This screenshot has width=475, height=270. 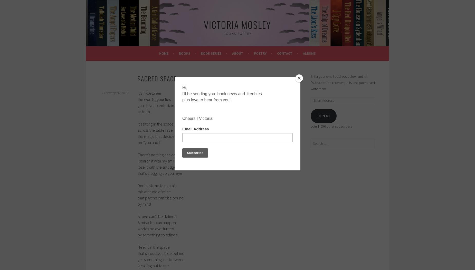 What do you see at coordinates (153, 265) in the screenshot?
I see `'is calling out to me'` at bounding box center [153, 265].